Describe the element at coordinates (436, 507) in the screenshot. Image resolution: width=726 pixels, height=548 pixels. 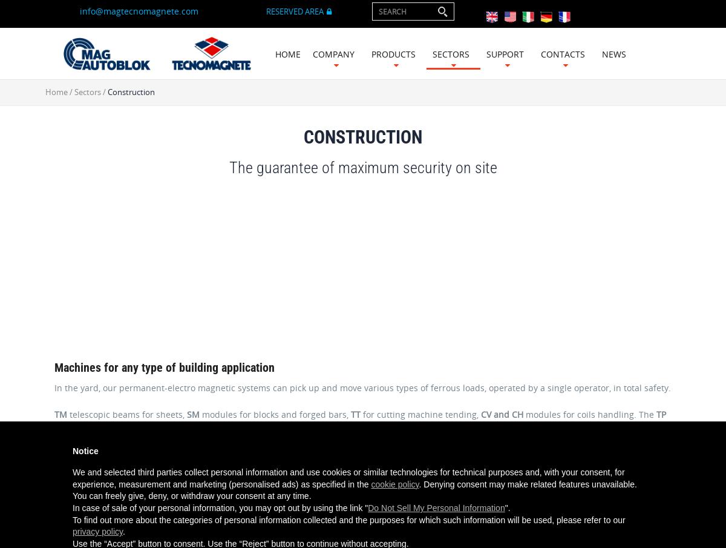
I see `'Do Not Sell My Personal Information'` at that location.